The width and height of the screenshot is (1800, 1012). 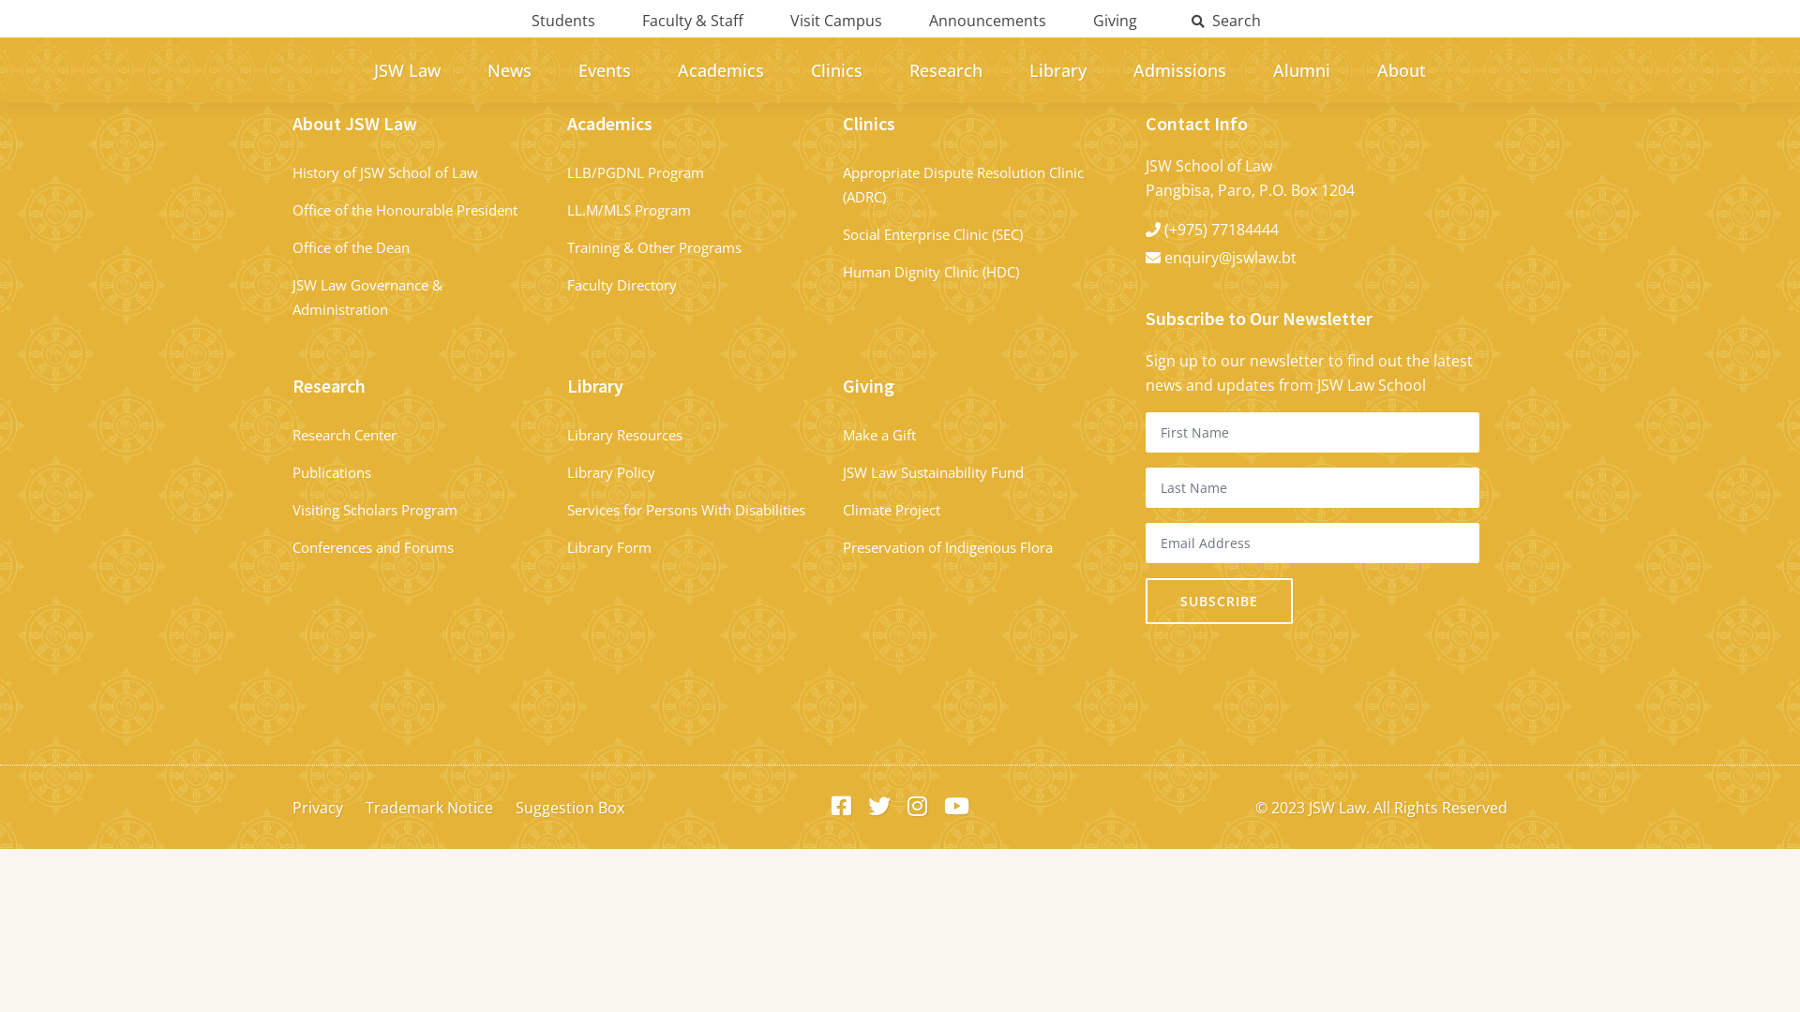 I want to click on 'Office of the Honourable President ', so click(x=292, y=209).